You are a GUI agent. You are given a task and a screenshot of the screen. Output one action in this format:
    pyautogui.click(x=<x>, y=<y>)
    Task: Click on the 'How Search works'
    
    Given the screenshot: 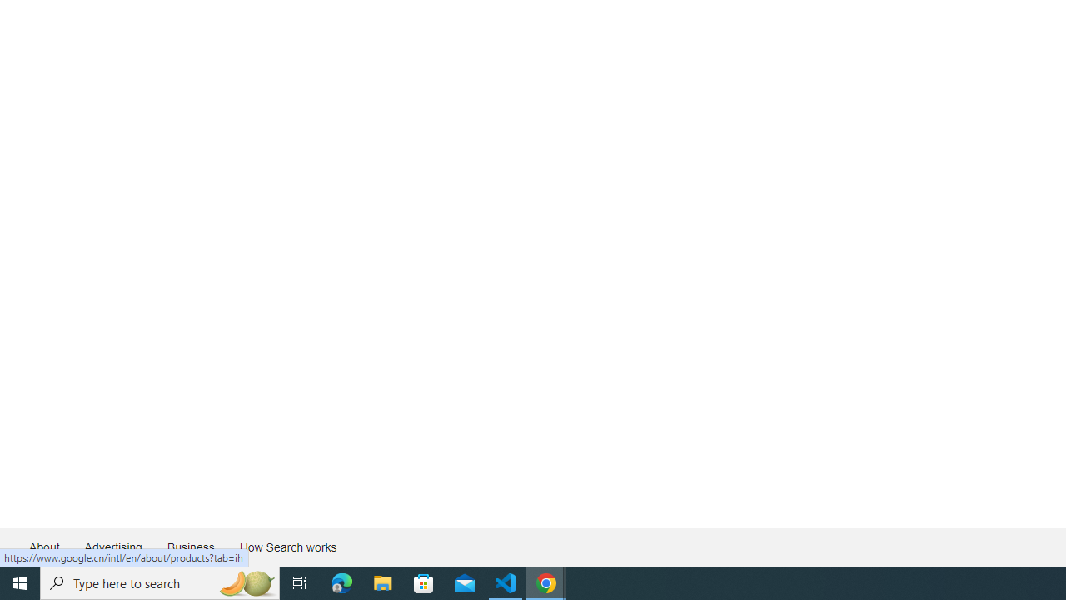 What is the action you would take?
    pyautogui.click(x=287, y=547)
    